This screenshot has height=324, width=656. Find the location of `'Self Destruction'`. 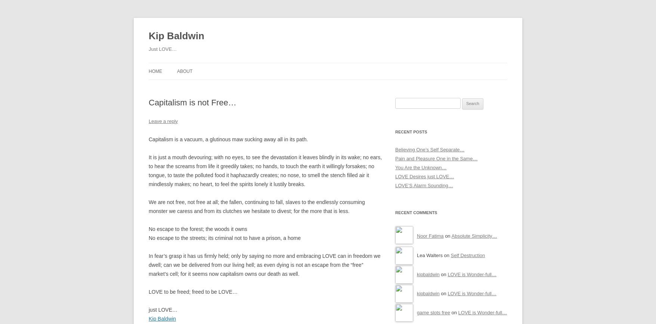

'Self Destruction' is located at coordinates (451, 254).